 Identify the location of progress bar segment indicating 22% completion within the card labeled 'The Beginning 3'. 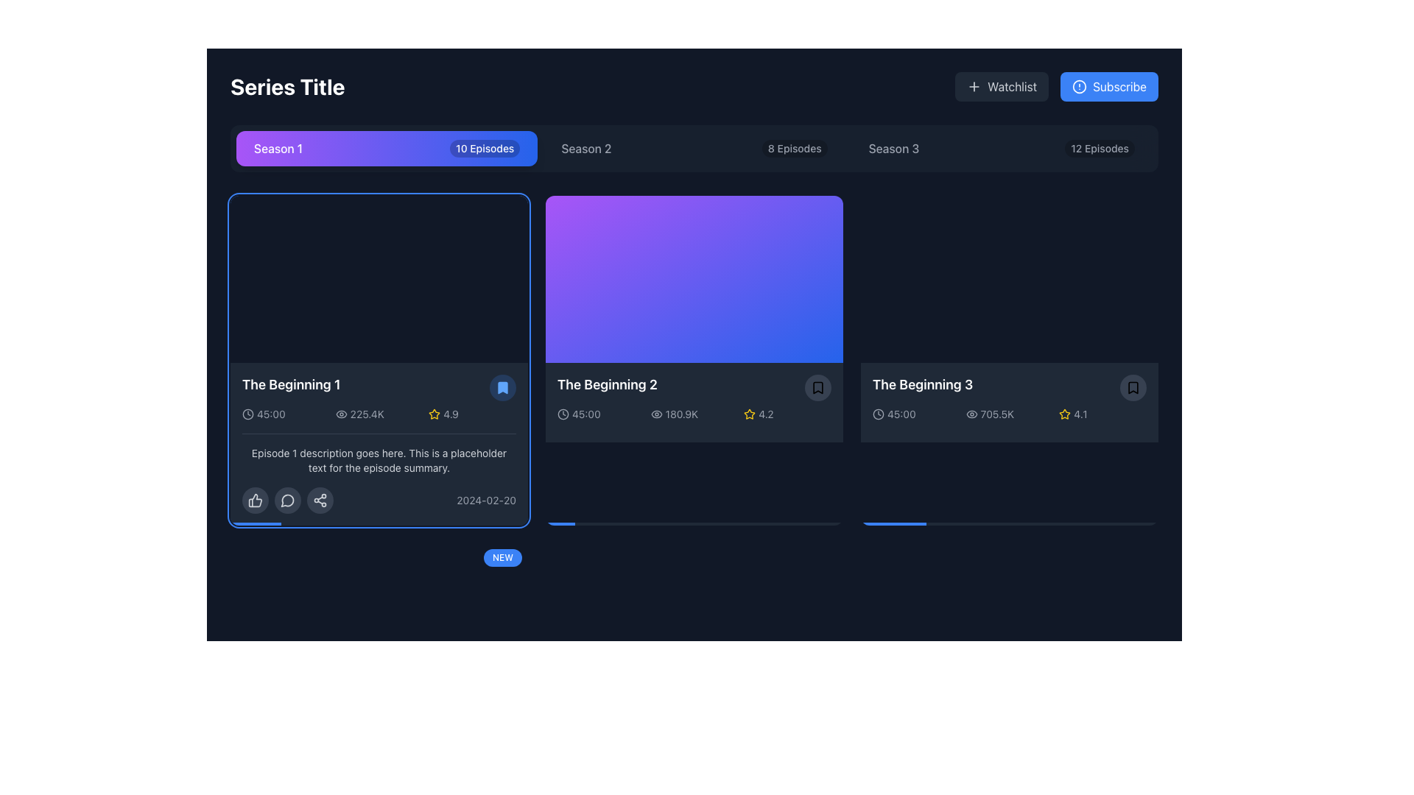
(893, 523).